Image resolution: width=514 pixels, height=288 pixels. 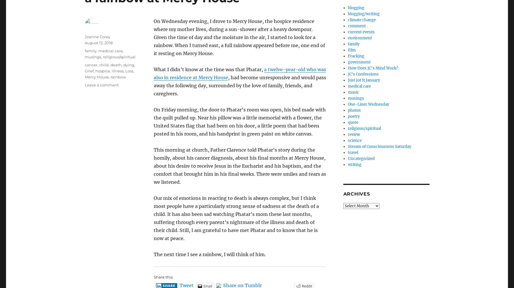 I want to click on 'comment', so click(x=348, y=26).